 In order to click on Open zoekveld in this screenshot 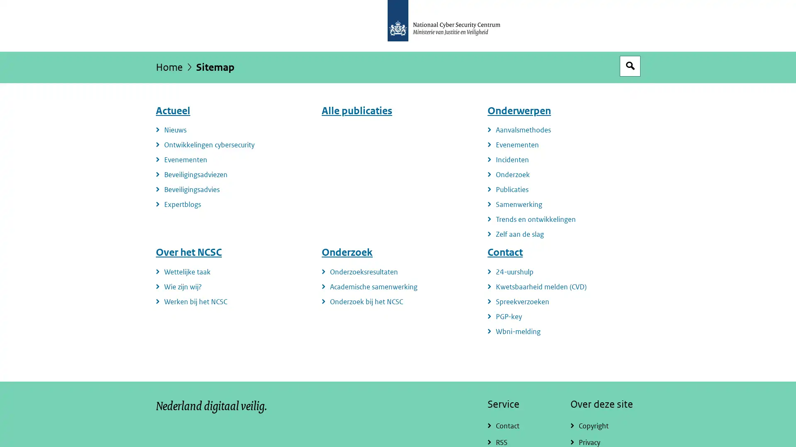, I will do `click(630, 65)`.